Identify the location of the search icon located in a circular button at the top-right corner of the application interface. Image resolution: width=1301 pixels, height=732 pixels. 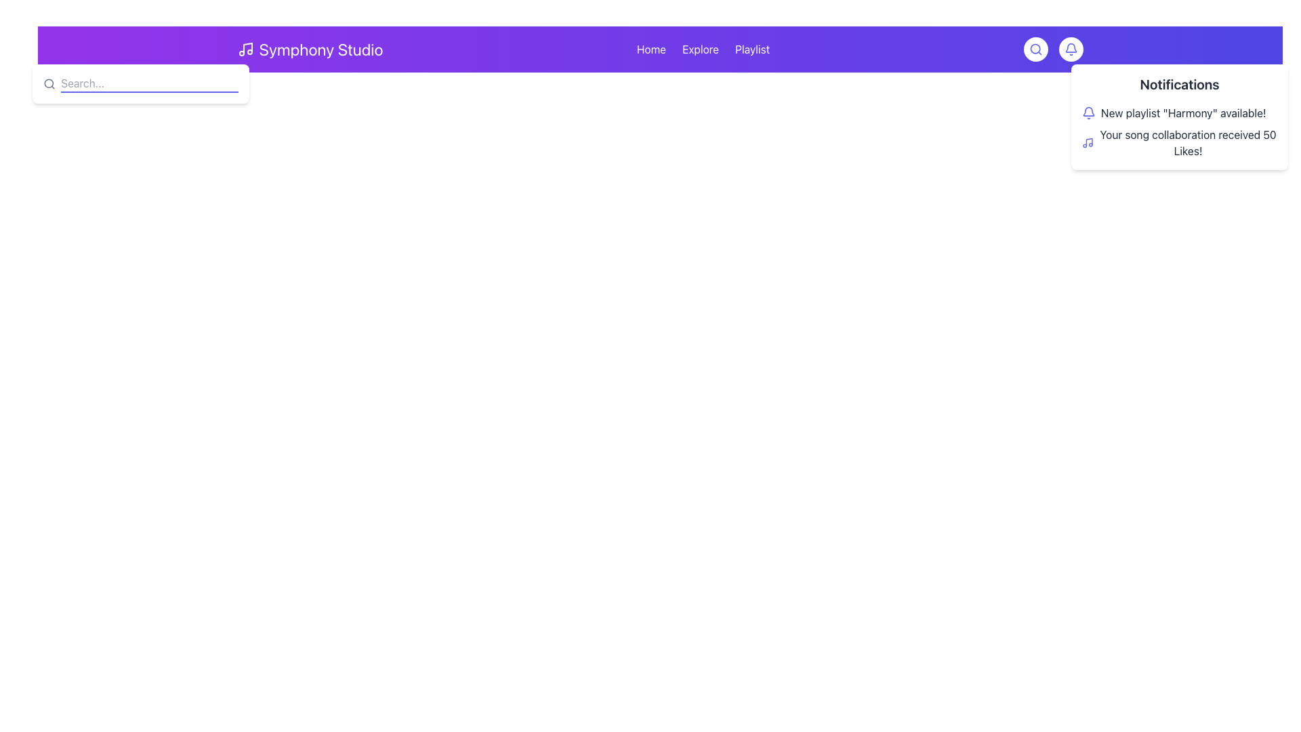
(1035, 49).